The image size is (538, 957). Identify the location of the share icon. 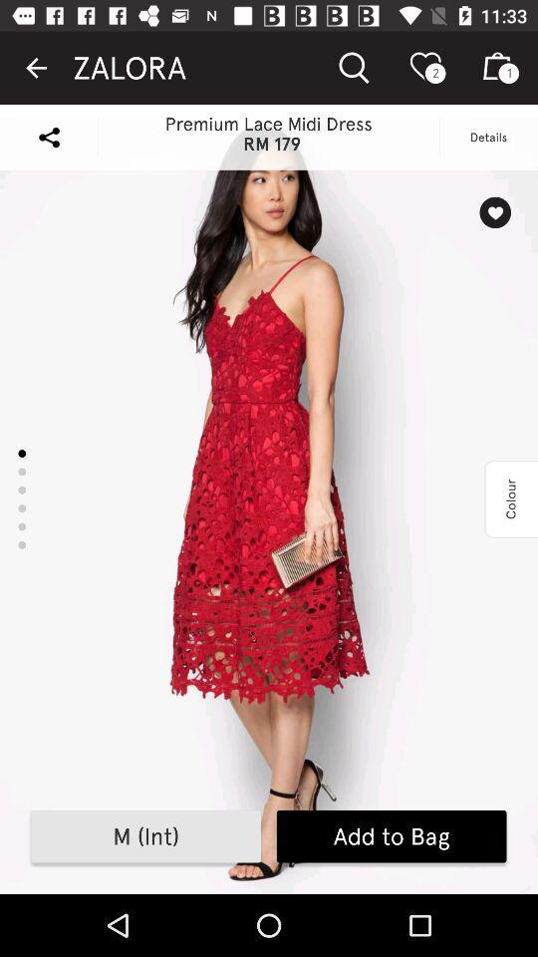
(49, 136).